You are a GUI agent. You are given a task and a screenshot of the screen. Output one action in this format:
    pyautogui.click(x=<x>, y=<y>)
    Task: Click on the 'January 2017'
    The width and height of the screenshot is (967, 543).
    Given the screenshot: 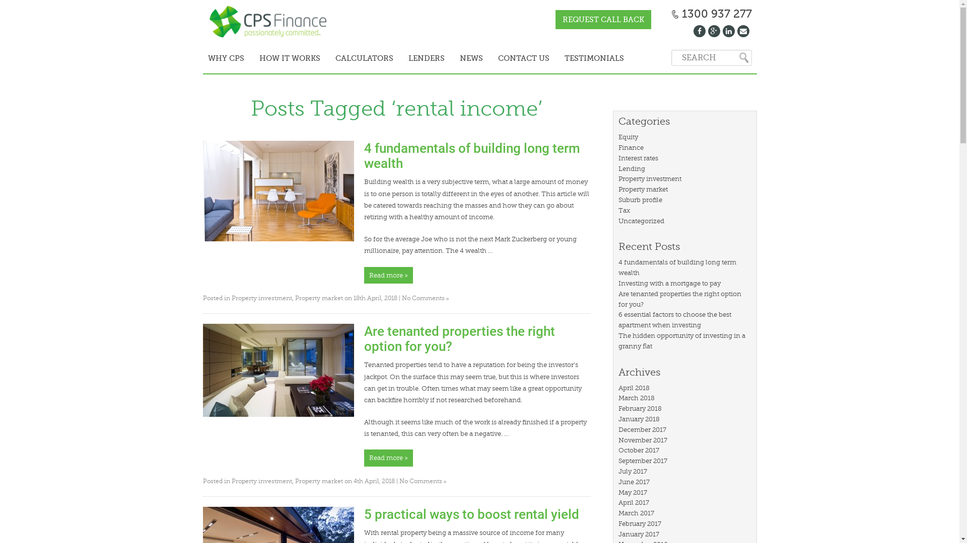 What is the action you would take?
    pyautogui.click(x=638, y=533)
    